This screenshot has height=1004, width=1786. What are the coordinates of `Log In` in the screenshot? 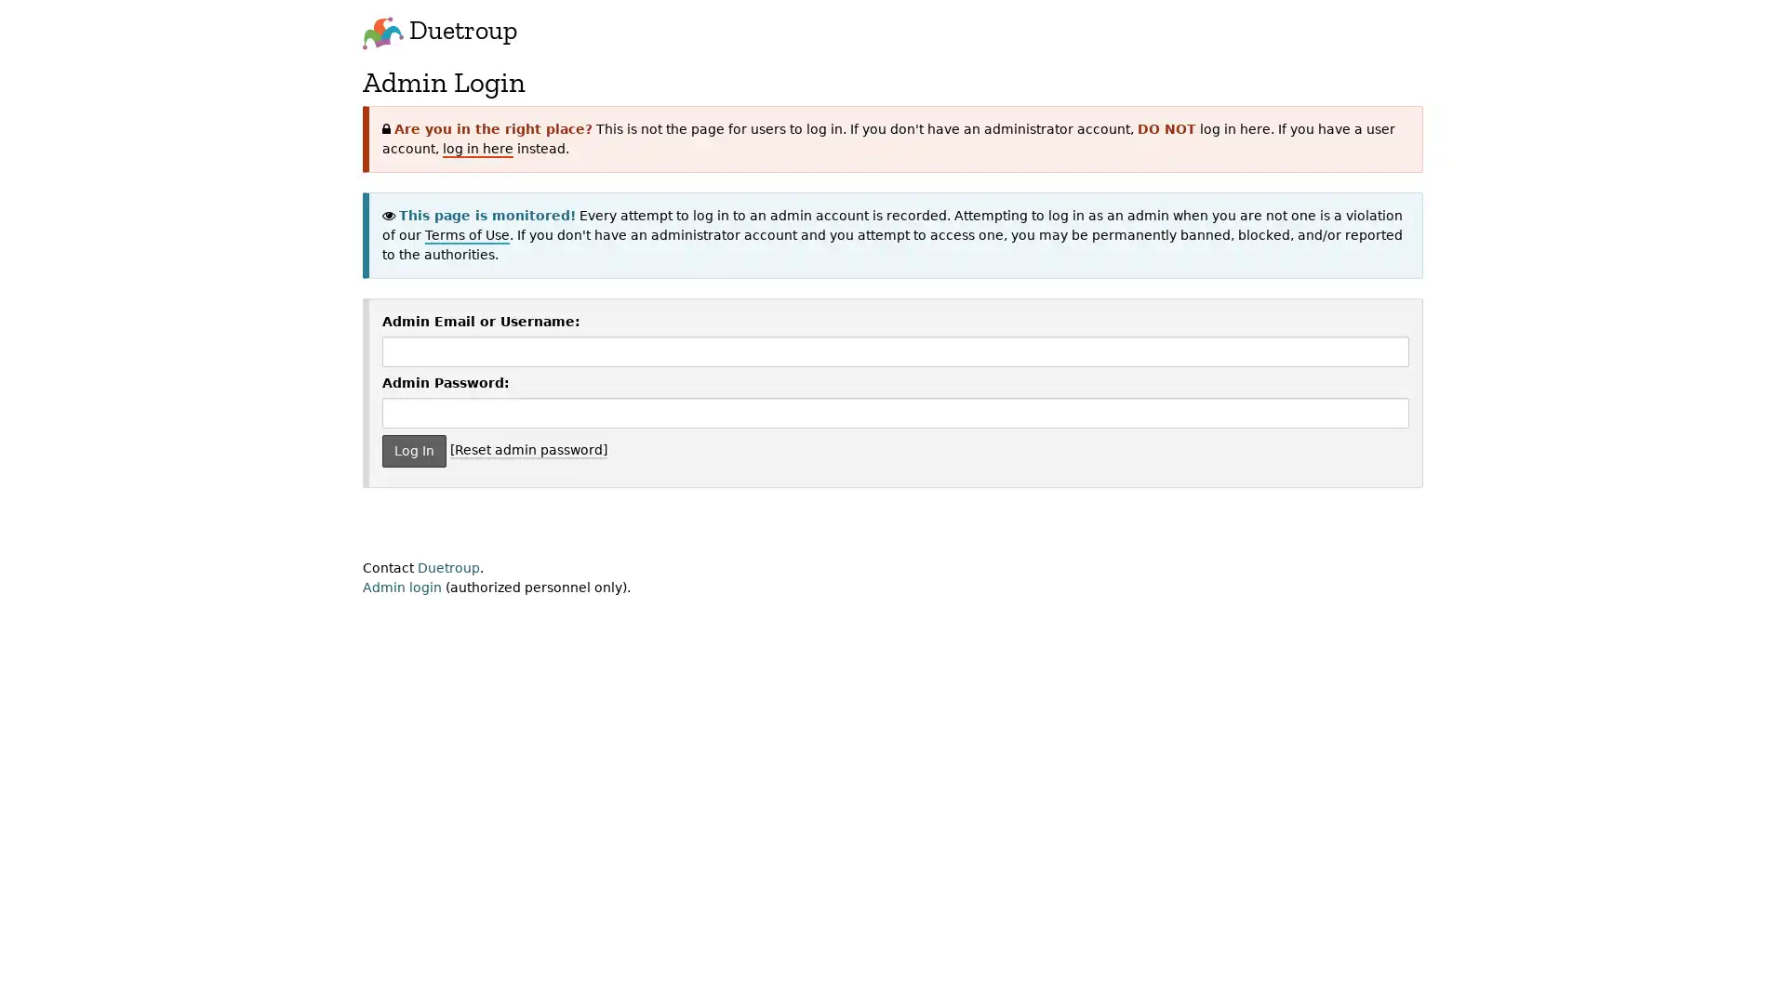 It's located at (413, 450).